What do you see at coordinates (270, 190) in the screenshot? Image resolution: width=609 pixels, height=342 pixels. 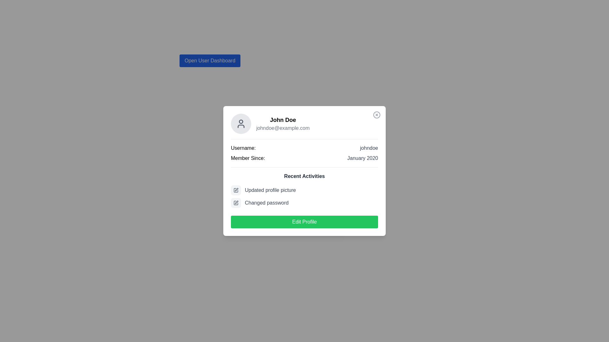 I see `the static text element that provides descriptive information about recent activities, located under the 'Recent Activities' title section in the profile card` at bounding box center [270, 190].